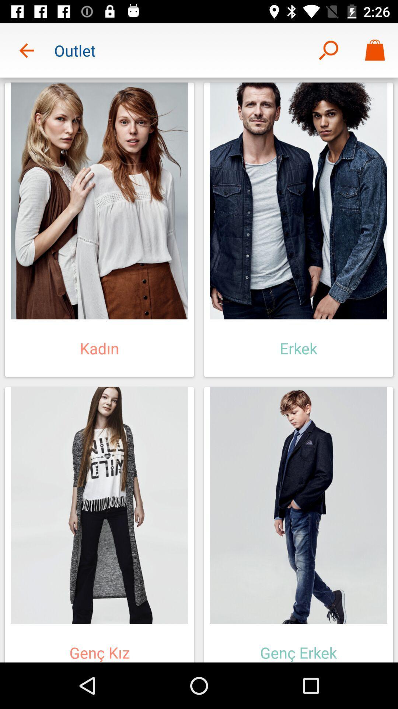  I want to click on item to the left of outlet, so click(27, 50).